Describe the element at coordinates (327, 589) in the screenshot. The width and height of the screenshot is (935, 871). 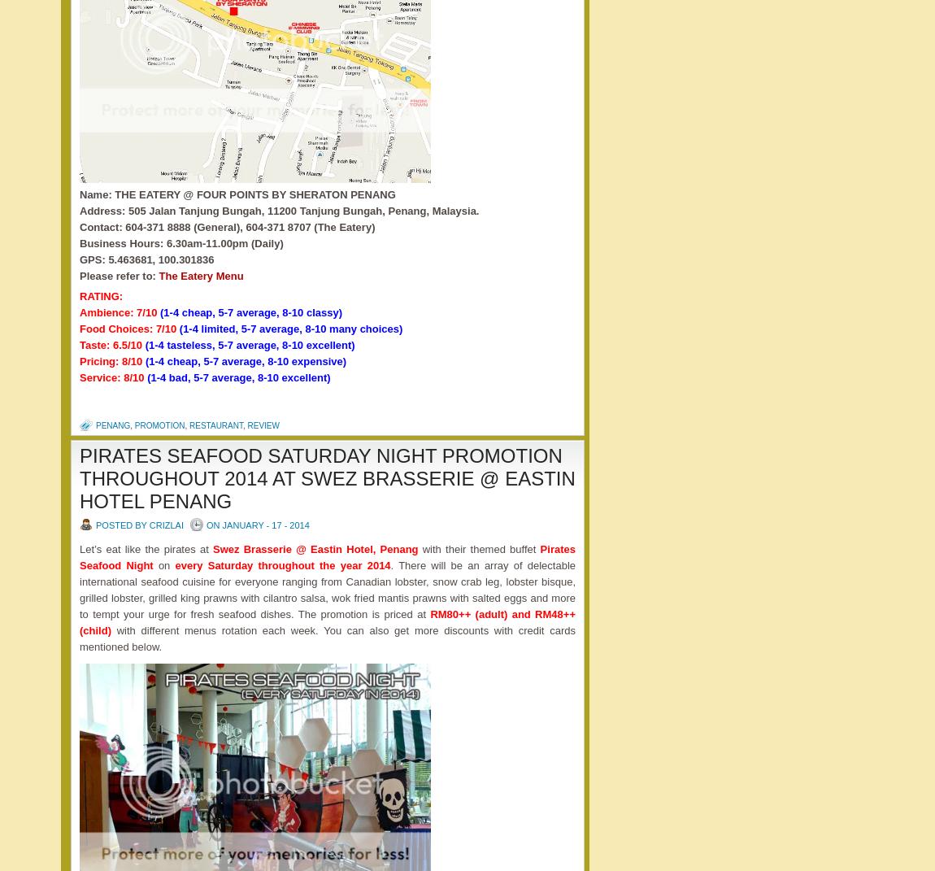
I see `'. There will be an array of delectable international seafood cuisine for everyone ranging from Canadian lobster, snow crab leg, lobster bisque, grilled lobster, grilled king prawns with cilantro salsa, wok fried mantis prawns with salted eggs and more to tempt your urge for fresh seafood dishes. The promotion is priced at'` at that location.